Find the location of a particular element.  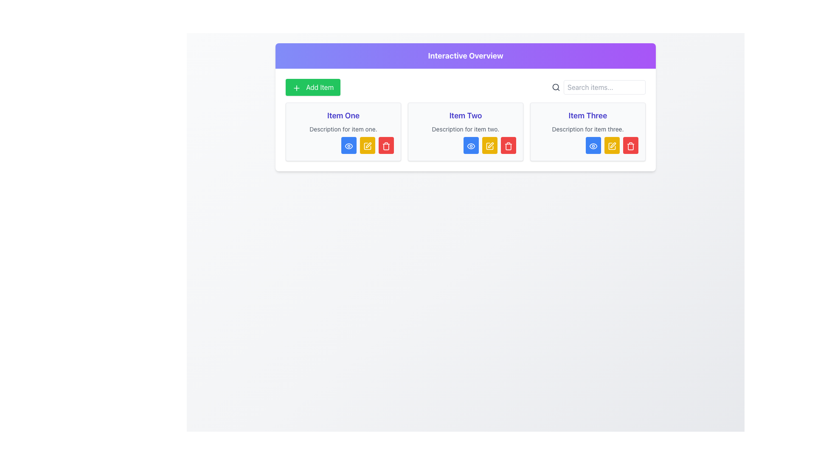

the pen icon within the button group of the 'Item One' card to initiate editing is located at coordinates (368, 145).